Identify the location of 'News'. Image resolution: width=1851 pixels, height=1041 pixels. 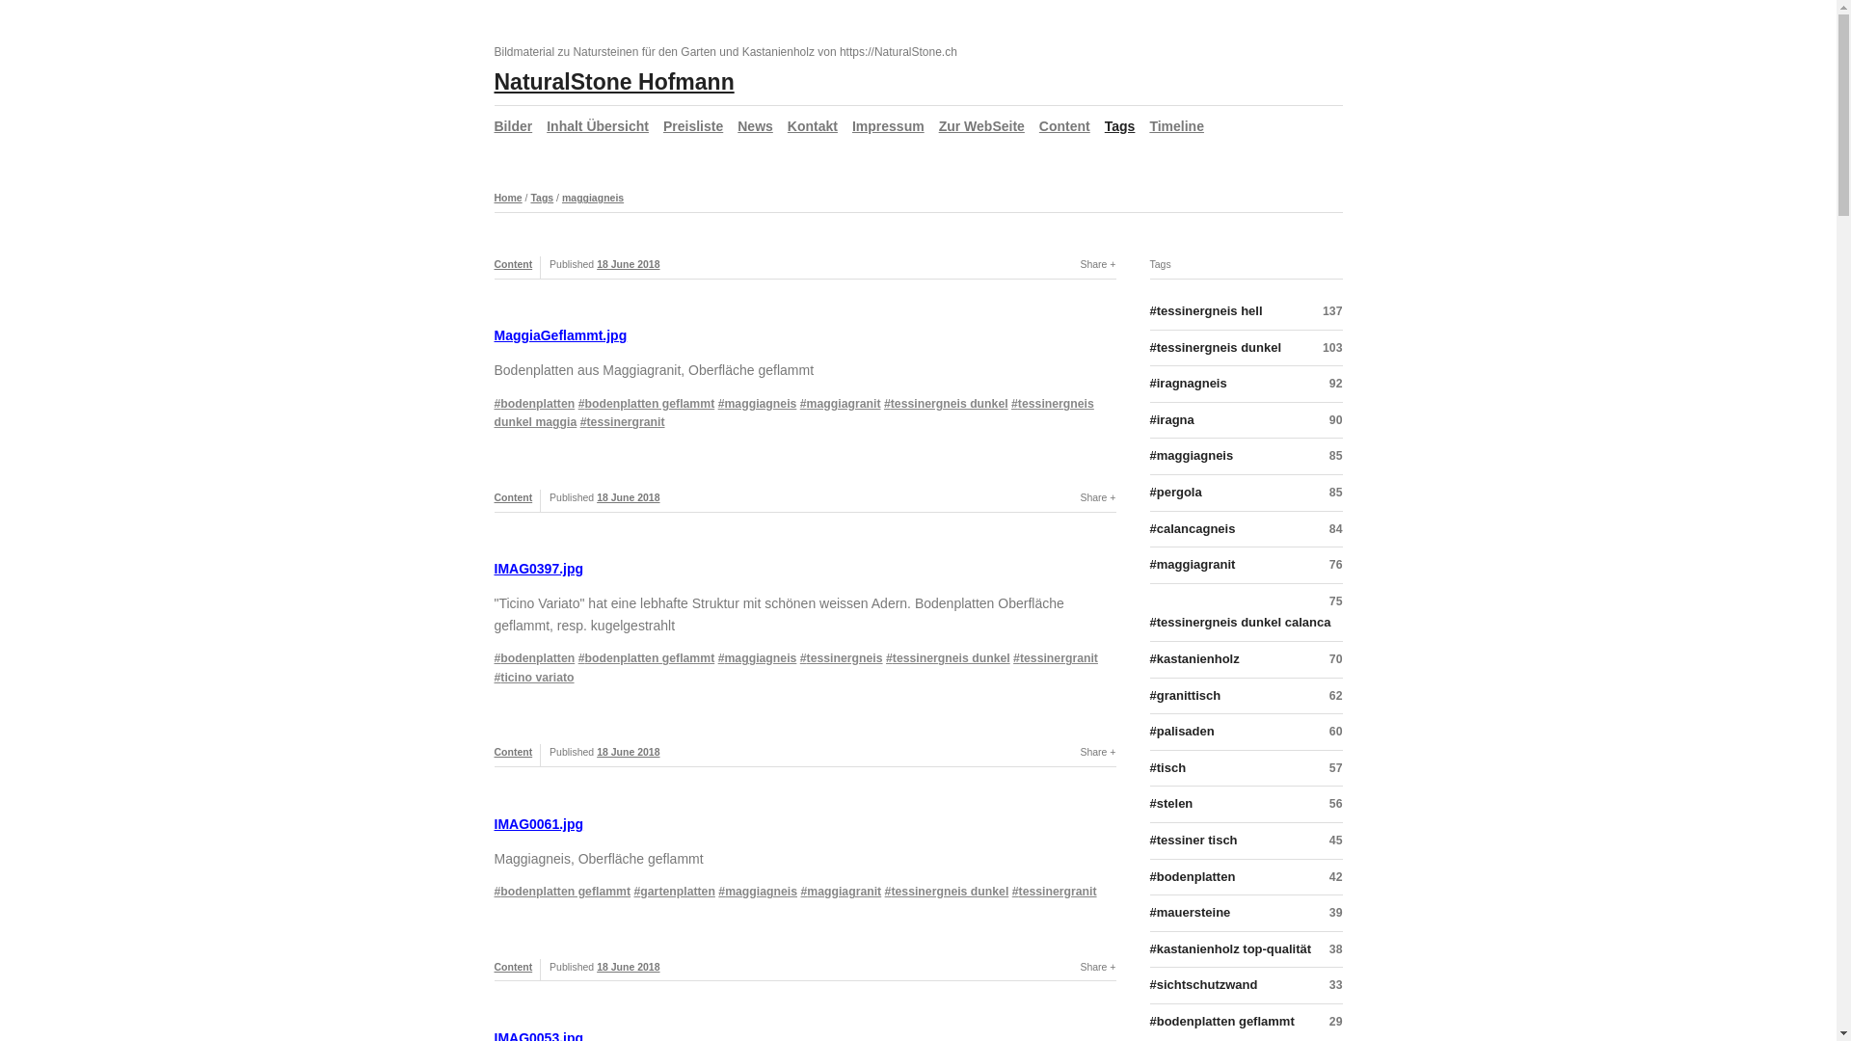
(736, 126).